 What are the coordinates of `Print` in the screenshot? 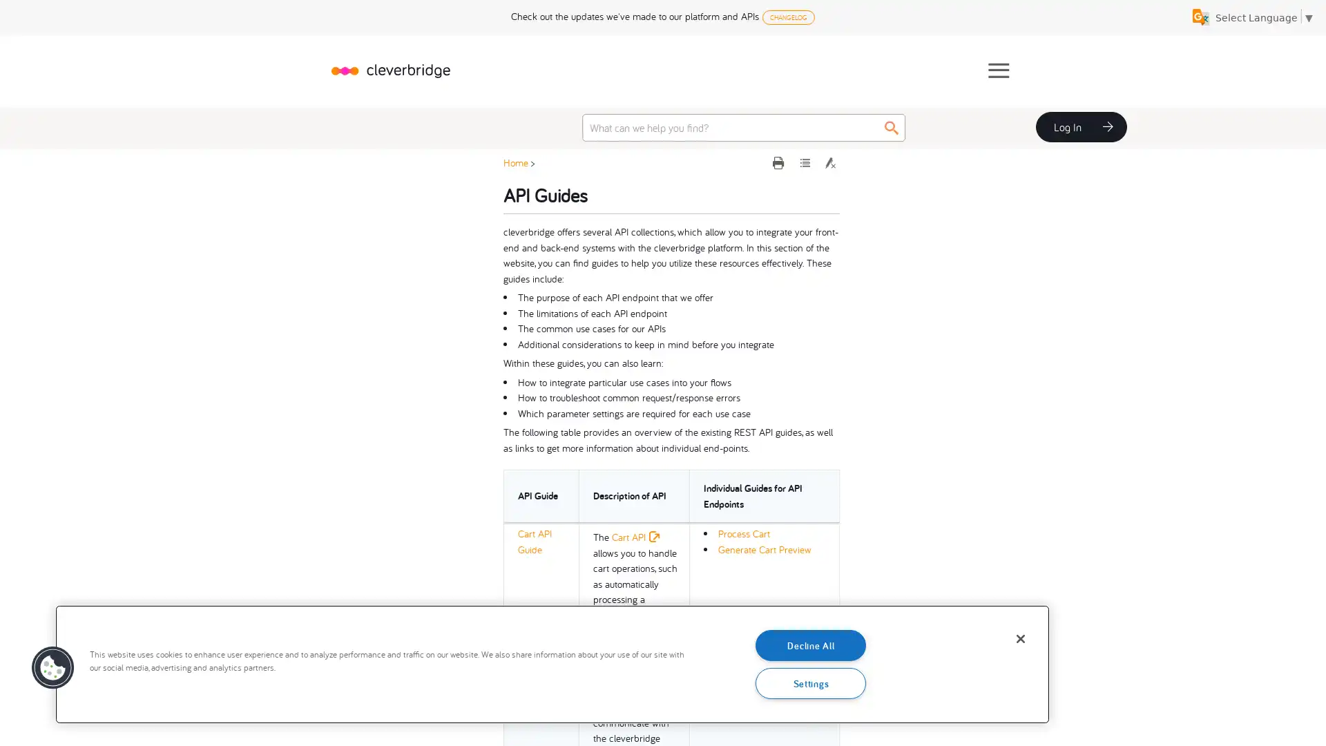 It's located at (780, 162).